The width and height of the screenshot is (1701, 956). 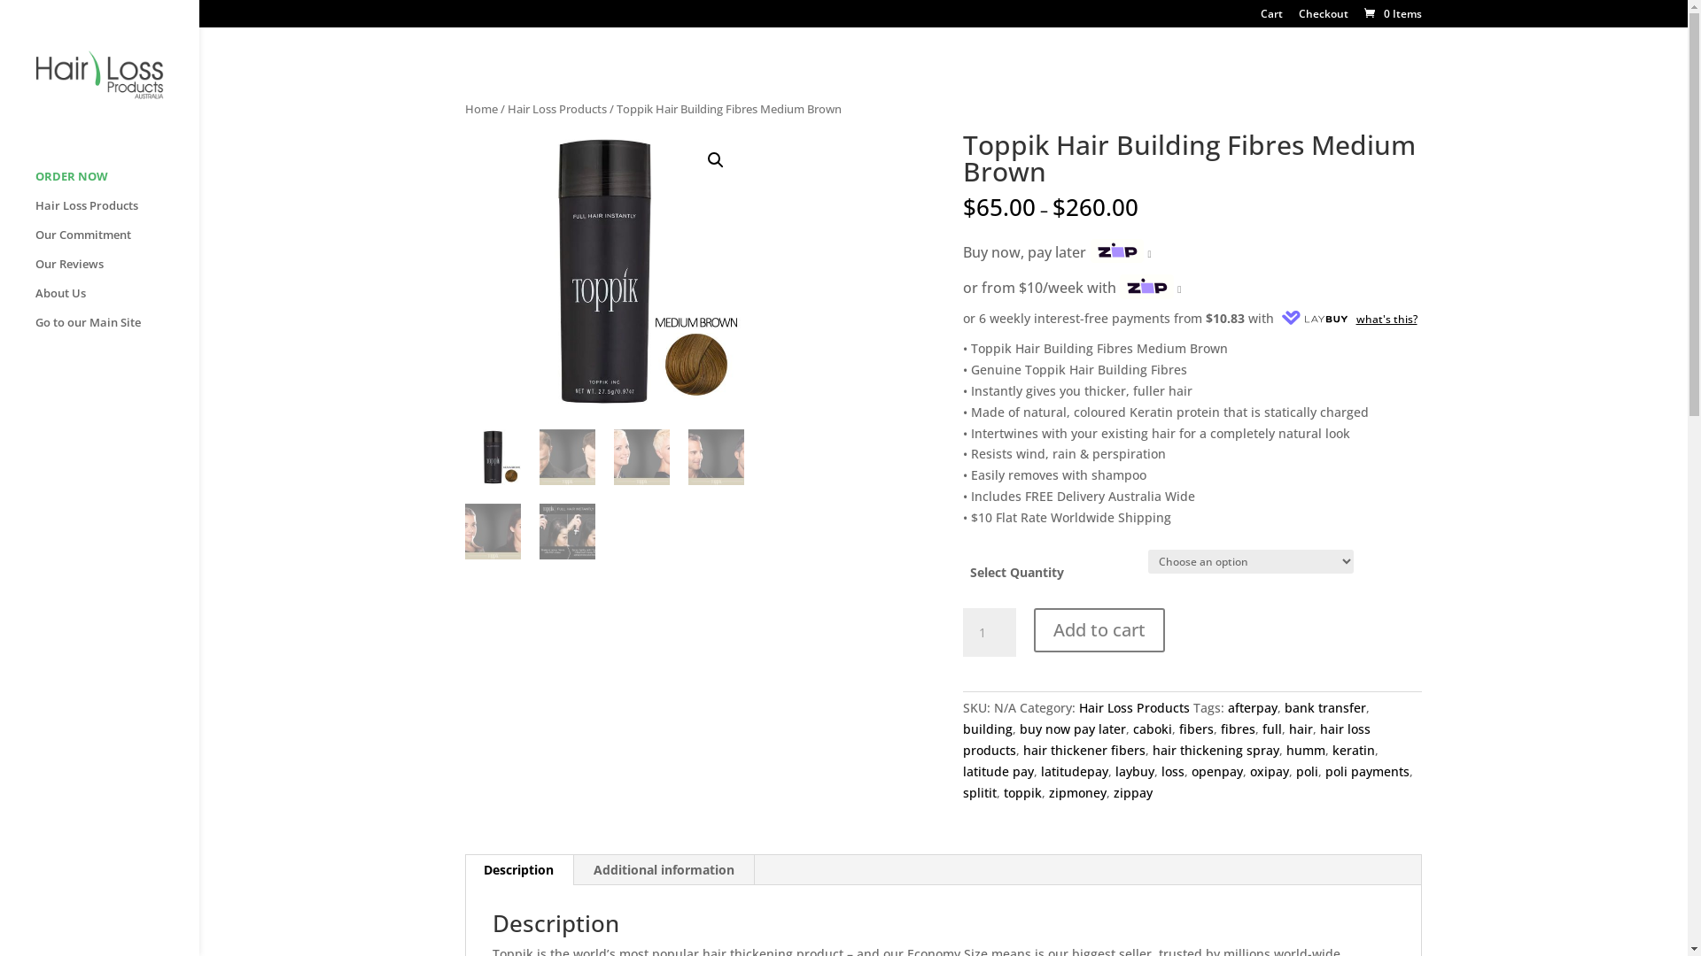 What do you see at coordinates (1305, 750) in the screenshot?
I see `'humm'` at bounding box center [1305, 750].